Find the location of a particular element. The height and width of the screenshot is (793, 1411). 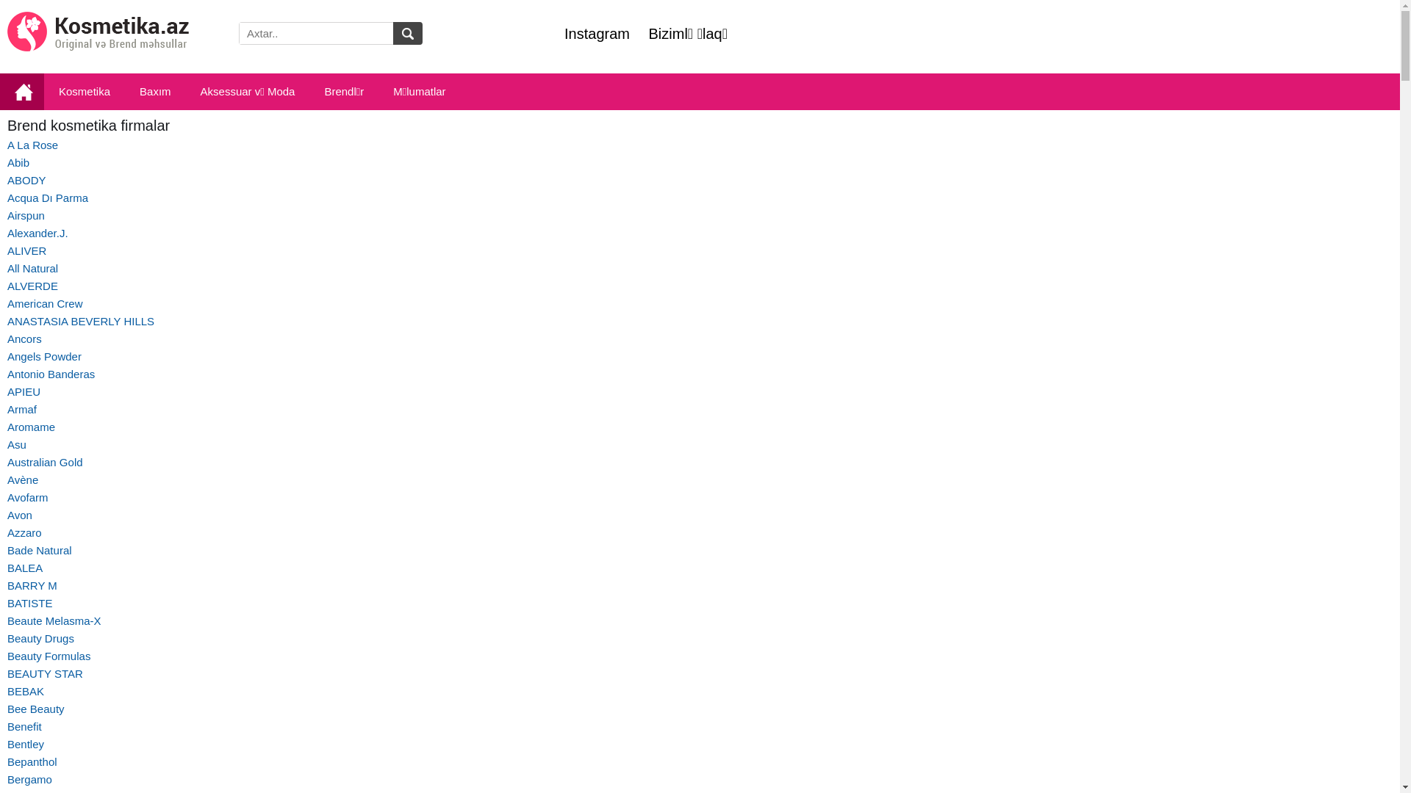

'Beauty Drugs' is located at coordinates (7, 637).